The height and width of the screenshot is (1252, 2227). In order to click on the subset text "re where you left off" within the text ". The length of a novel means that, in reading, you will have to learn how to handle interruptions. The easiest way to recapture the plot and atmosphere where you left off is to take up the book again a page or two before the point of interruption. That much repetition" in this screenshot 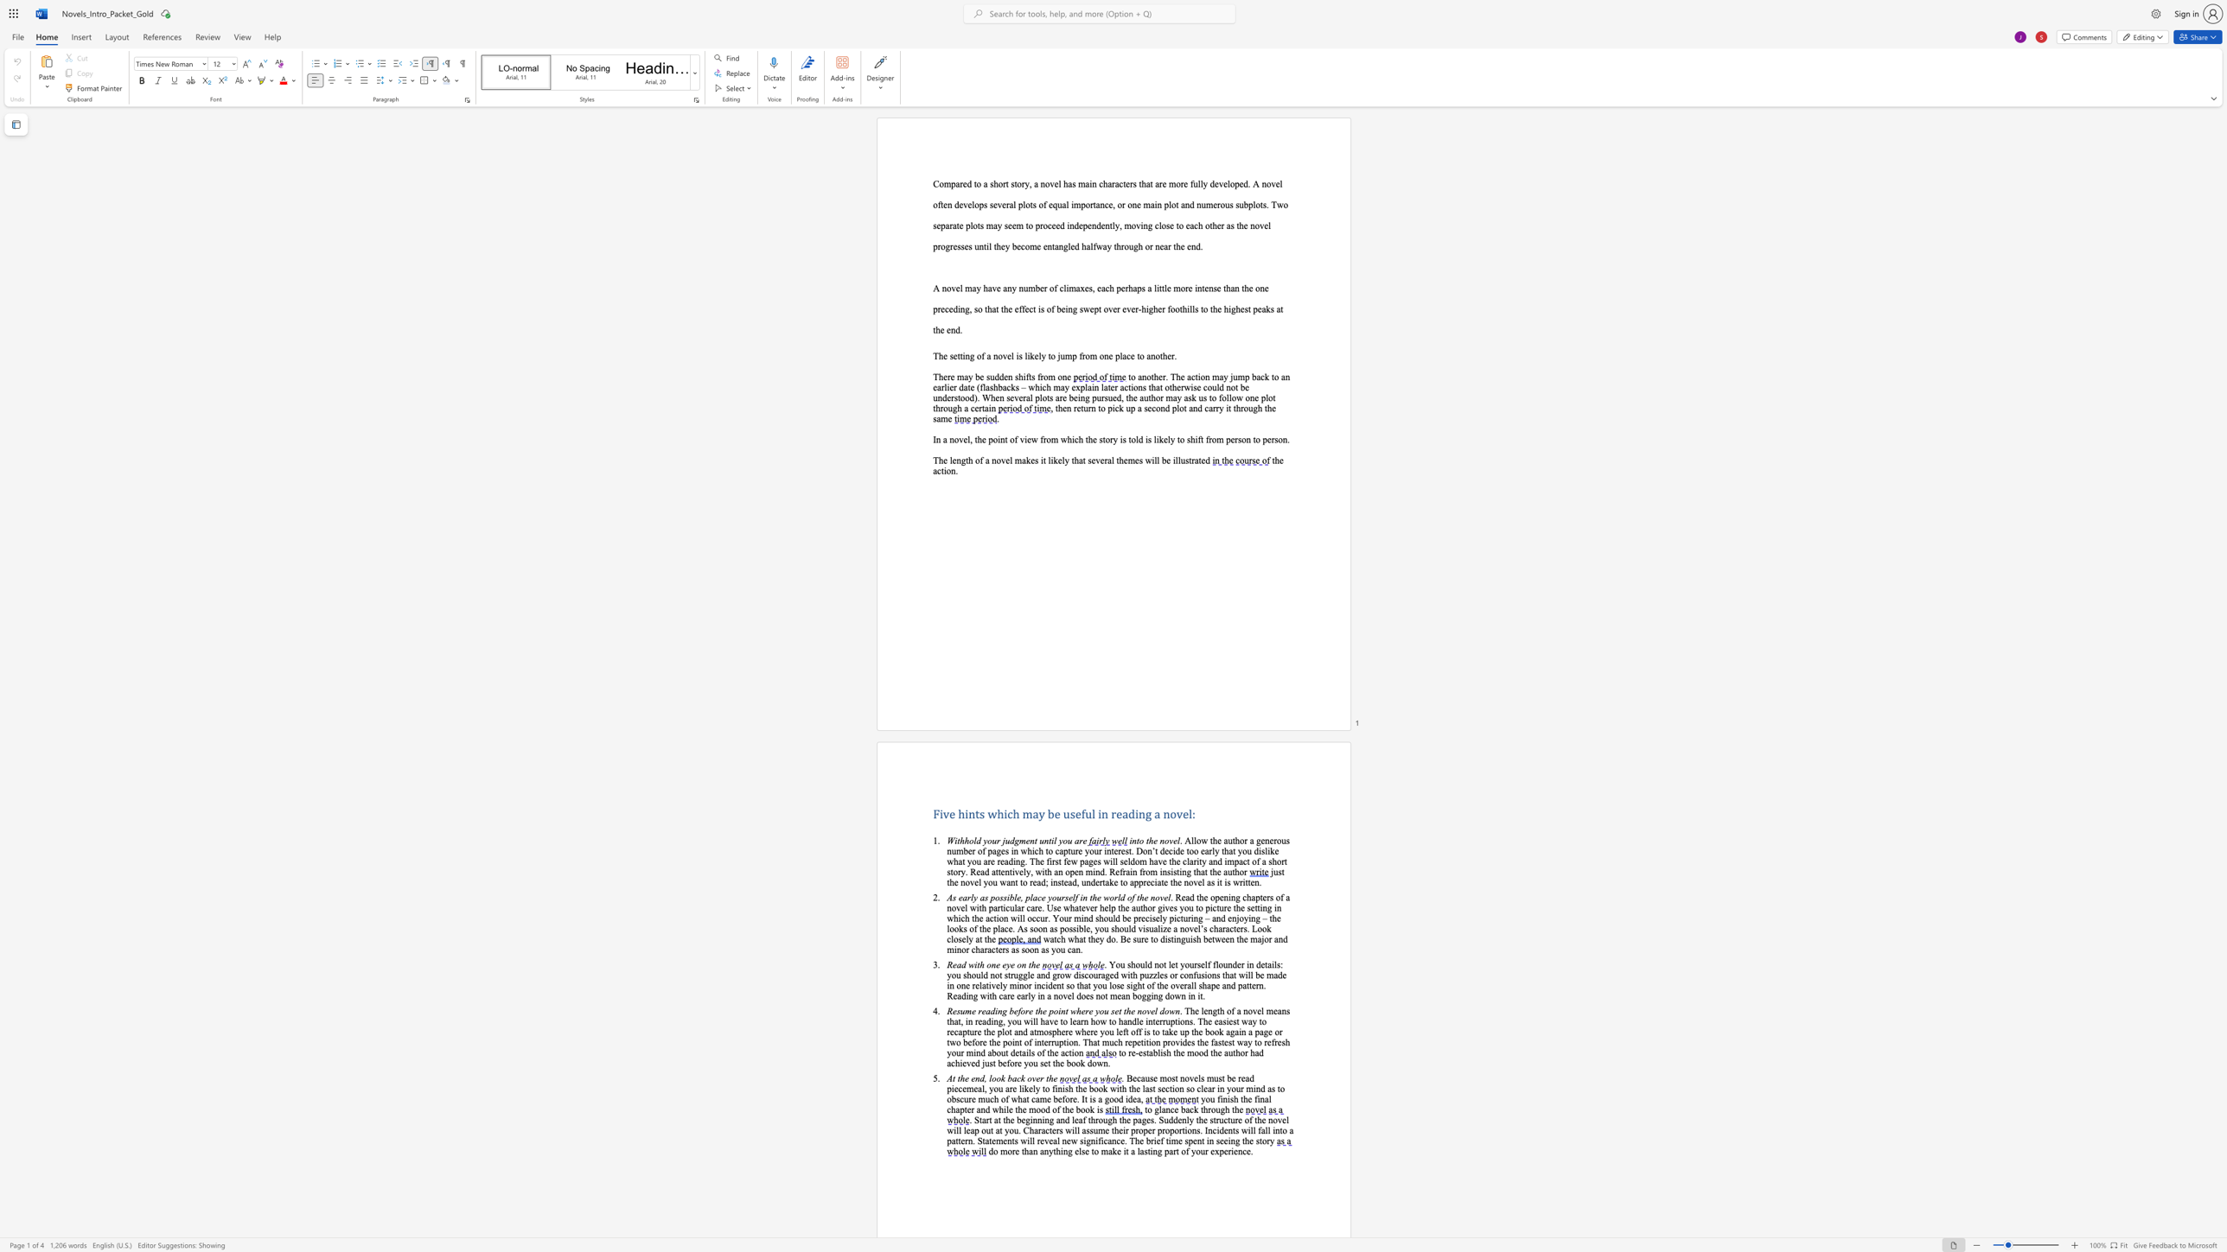, I will do `click(1065, 1031)`.